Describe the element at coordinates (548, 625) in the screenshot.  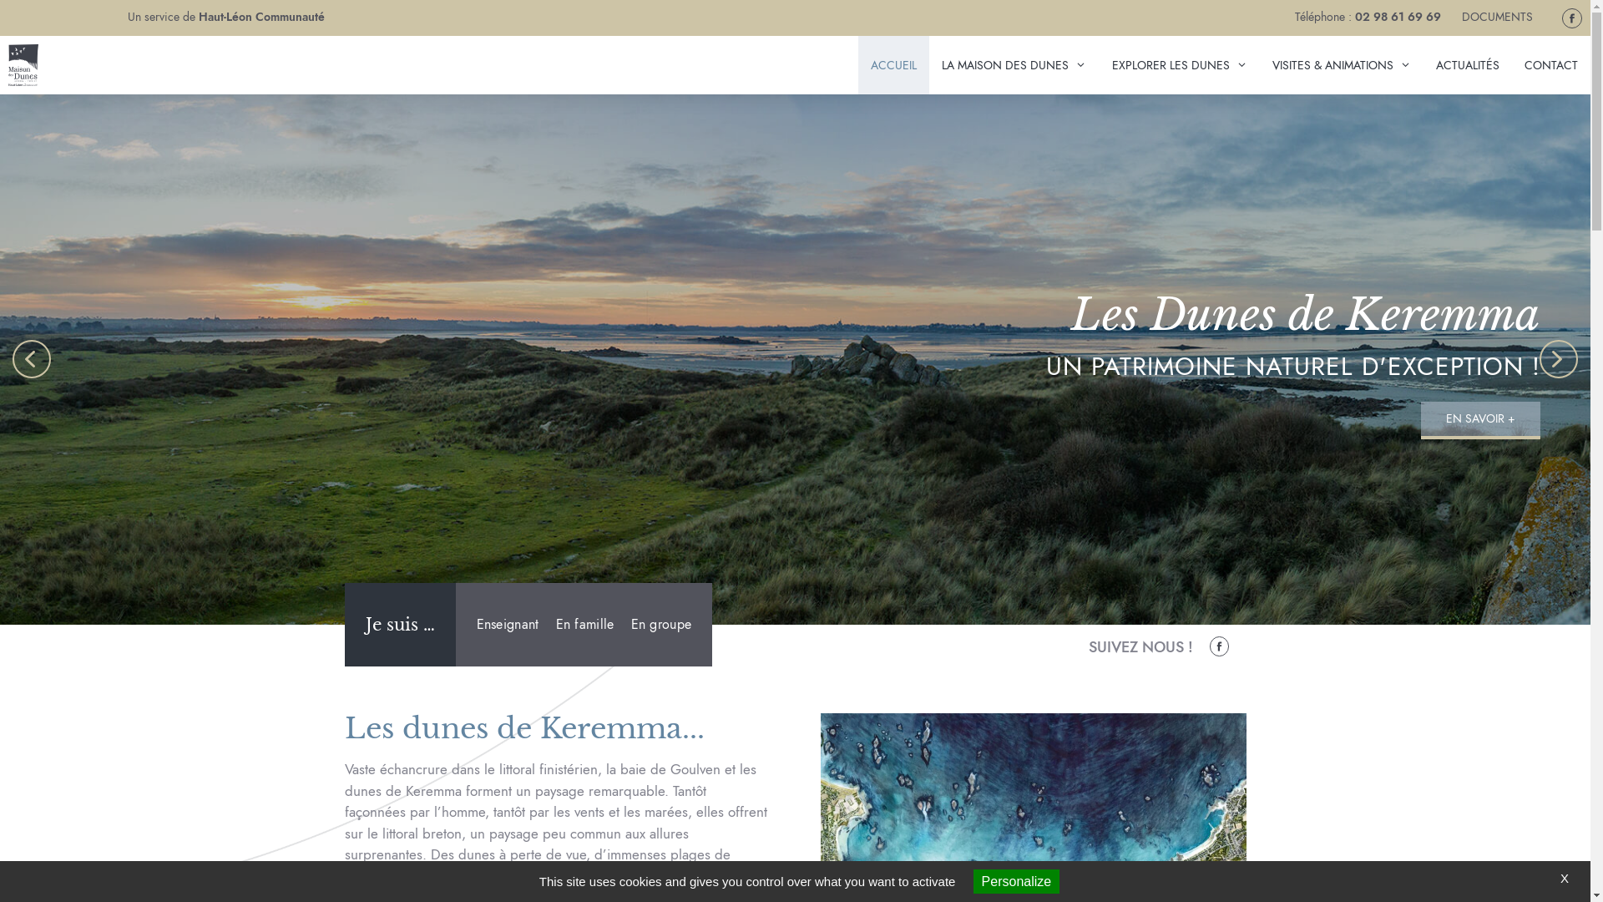
I see `'En famille'` at that location.